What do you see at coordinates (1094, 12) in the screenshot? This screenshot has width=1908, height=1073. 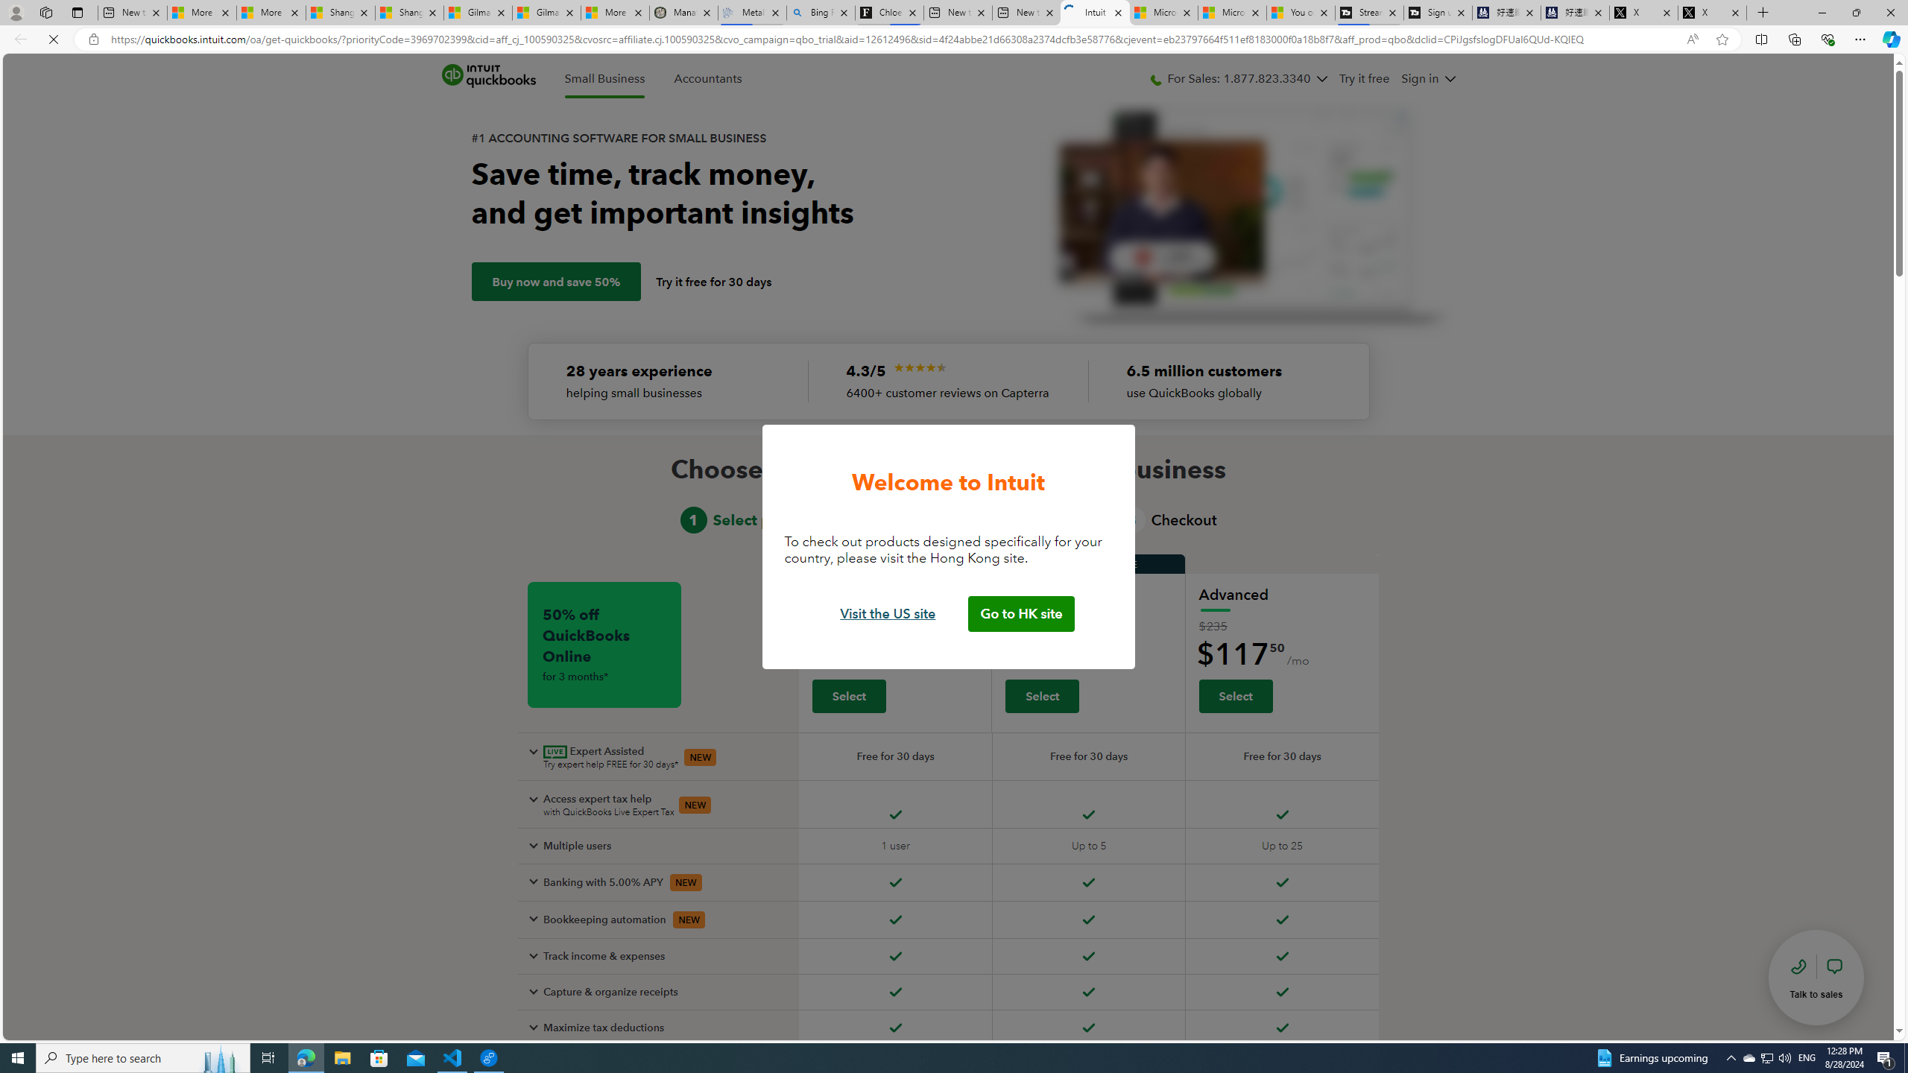 I see `'Intuit QuickBooks Online - Quickbooks'` at bounding box center [1094, 12].